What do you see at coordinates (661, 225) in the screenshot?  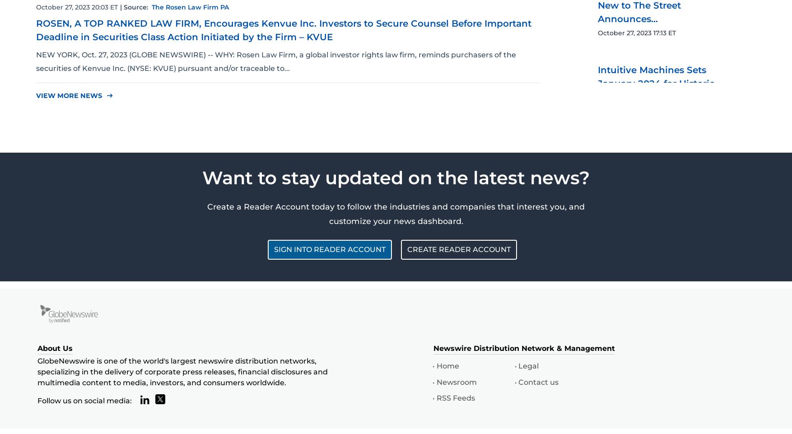 I see `'Intuitive Machines Sets January 2024 for Historic ...'` at bounding box center [661, 225].